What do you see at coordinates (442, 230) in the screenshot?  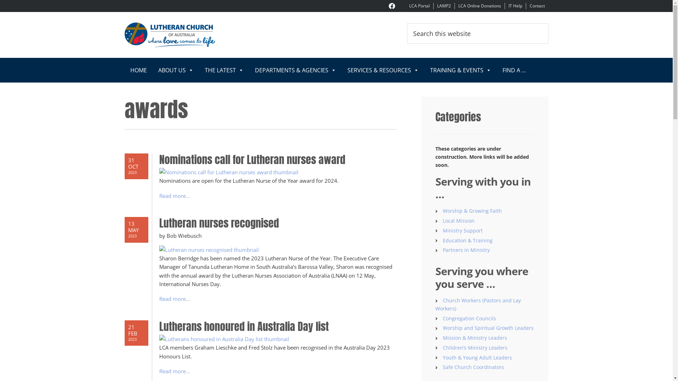 I see `'Ministry Support'` at bounding box center [442, 230].